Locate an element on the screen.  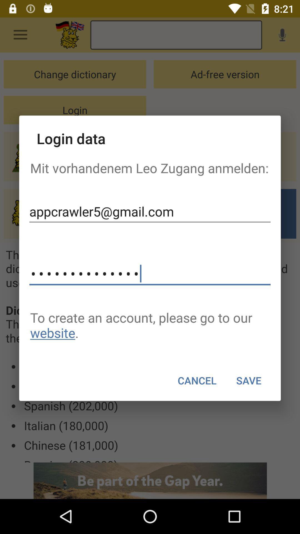
item above cancel icon is located at coordinates (150, 325).